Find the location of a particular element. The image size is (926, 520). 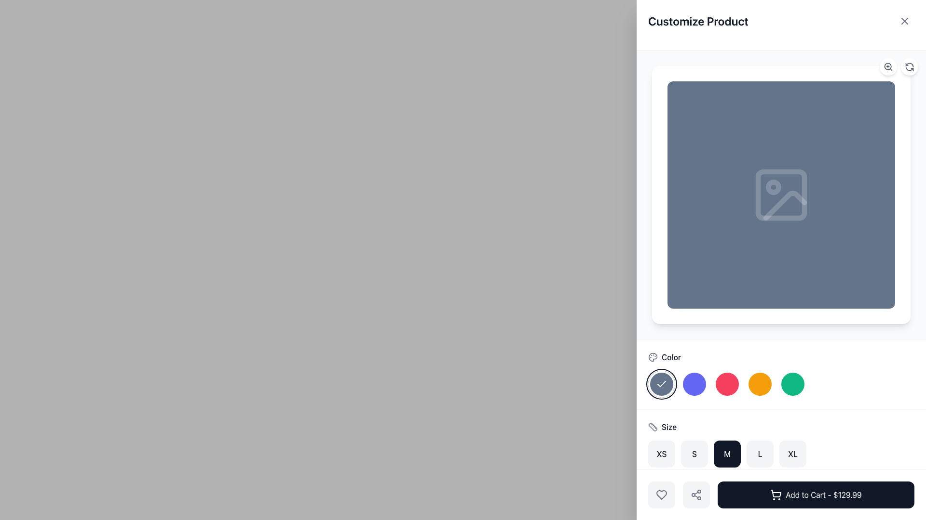

the close button (icon button) located at the top-right corner of the 'Customize Product' panel is located at coordinates (904, 21).